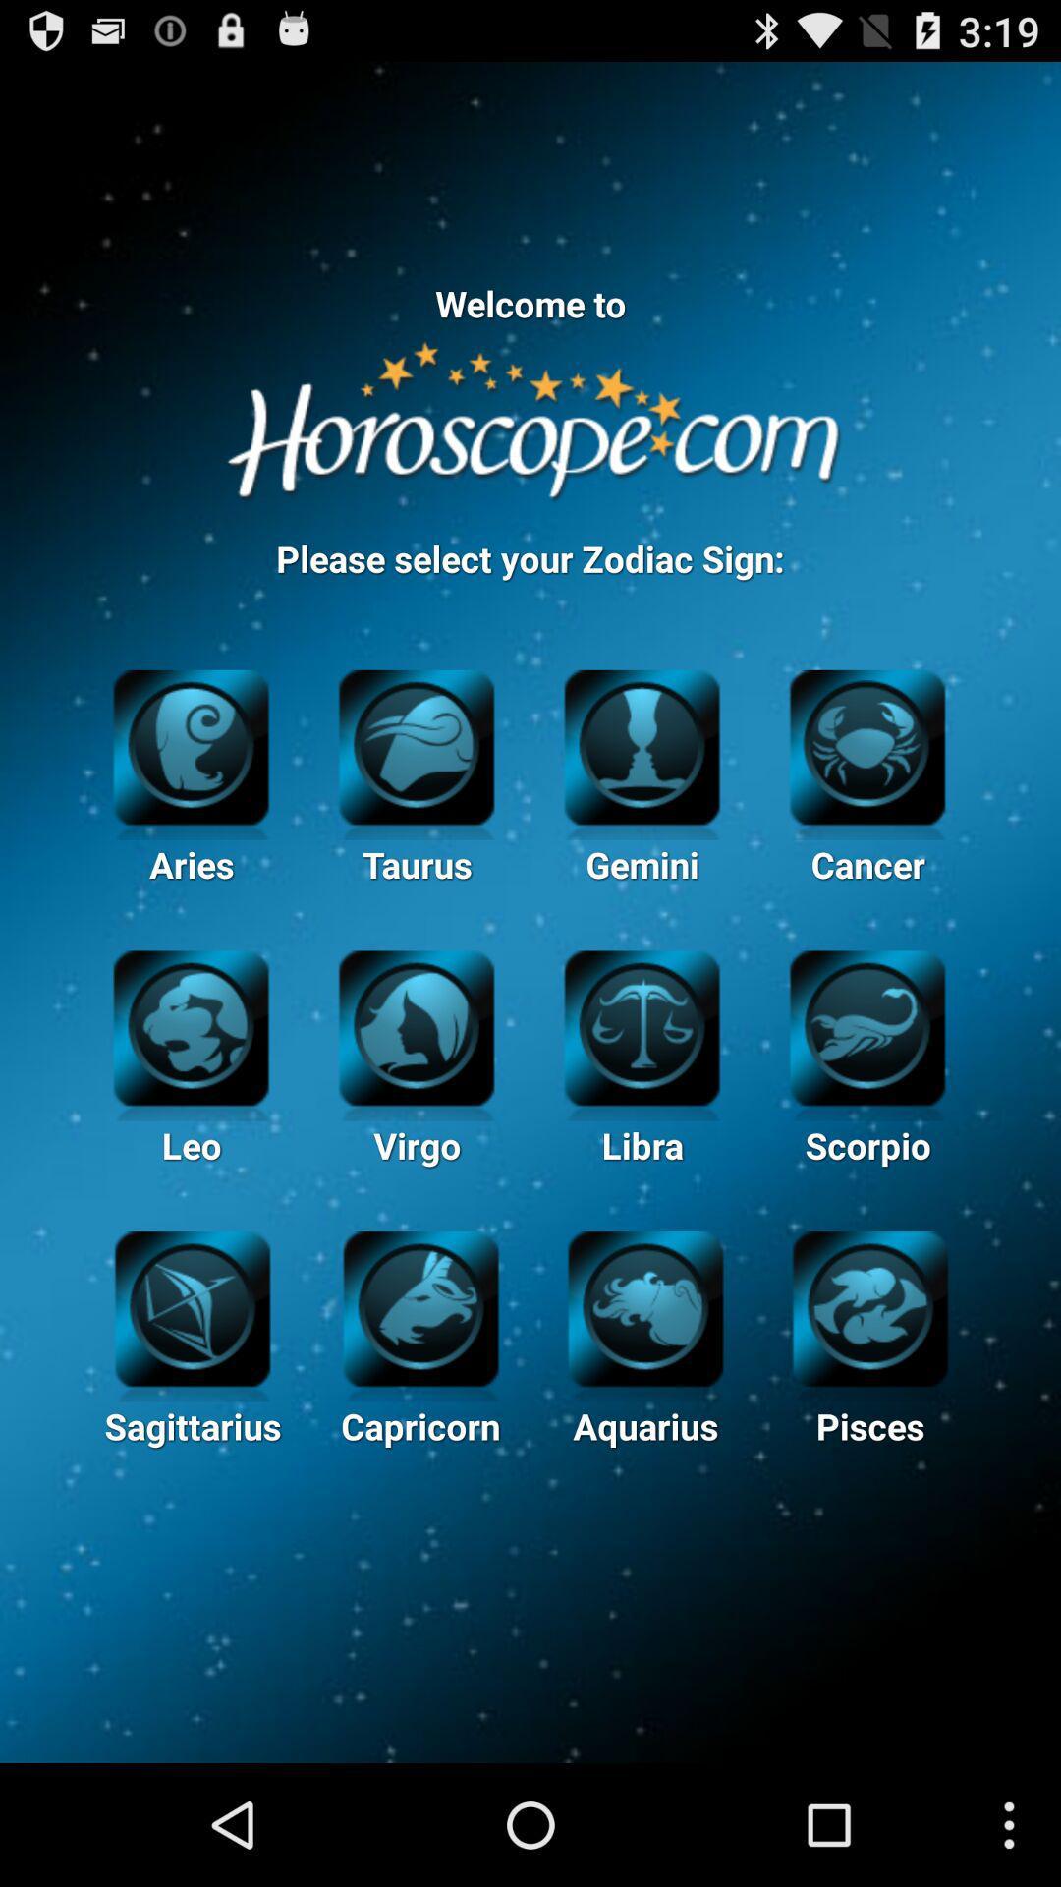 The width and height of the screenshot is (1061, 1887). Describe the element at coordinates (191, 1024) in the screenshot. I see `click on leo horoscope` at that location.